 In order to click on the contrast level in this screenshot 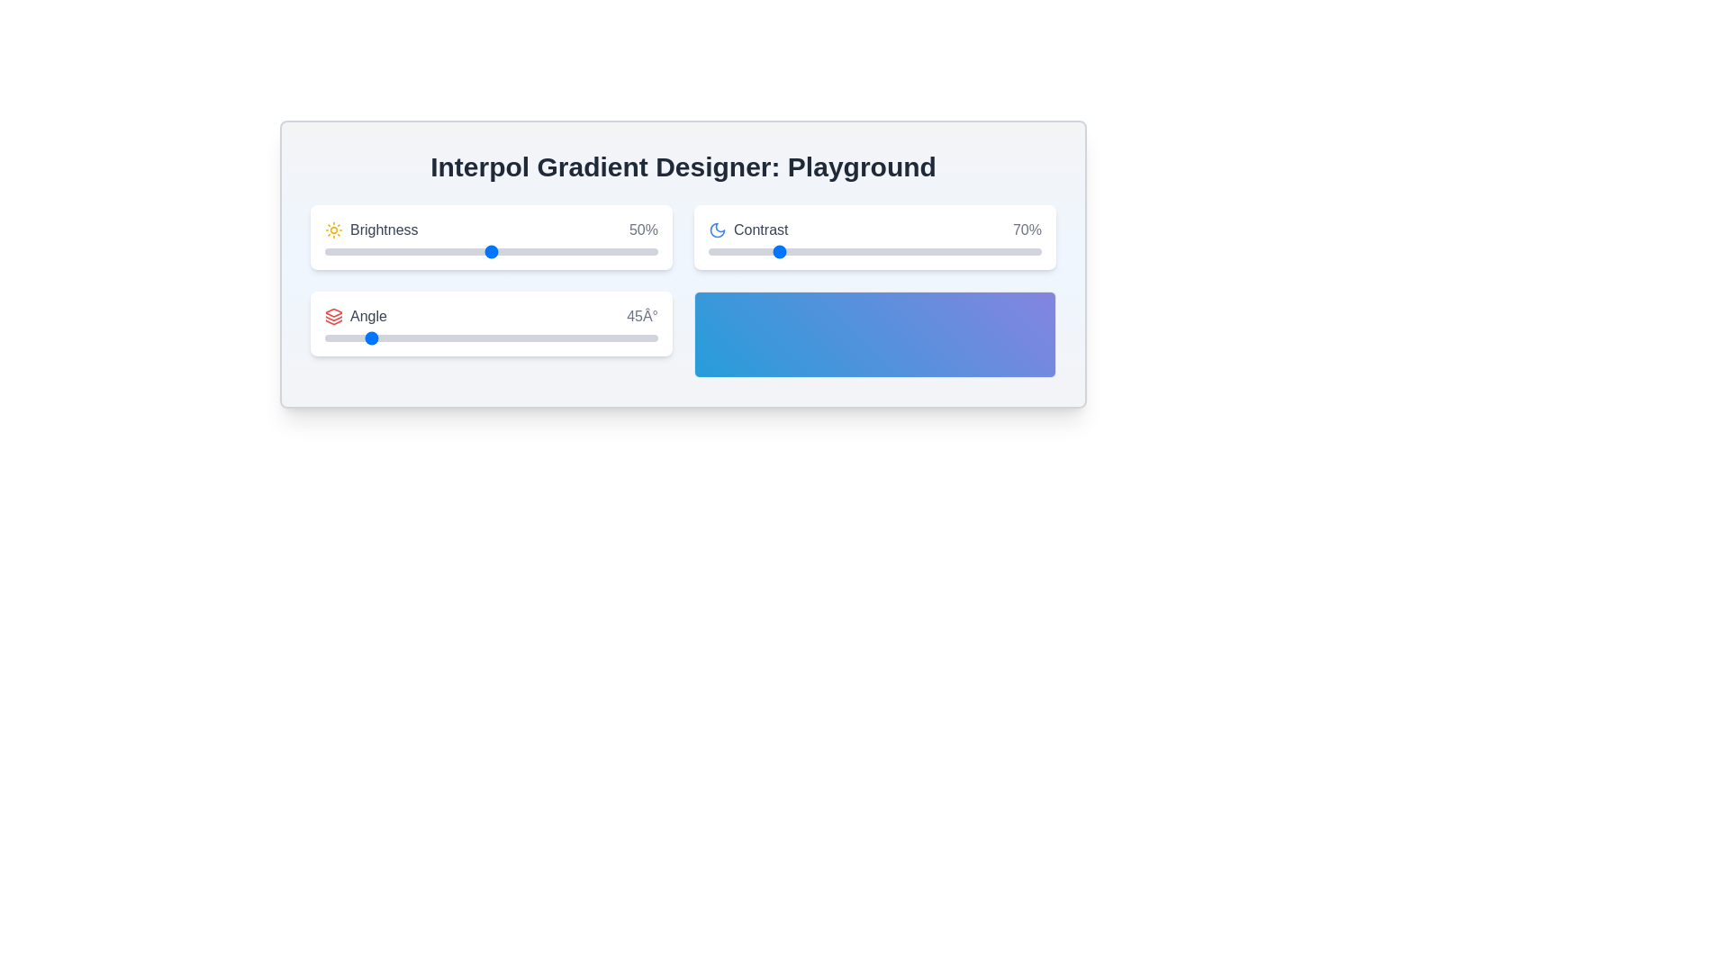, I will do `click(1007, 252)`.